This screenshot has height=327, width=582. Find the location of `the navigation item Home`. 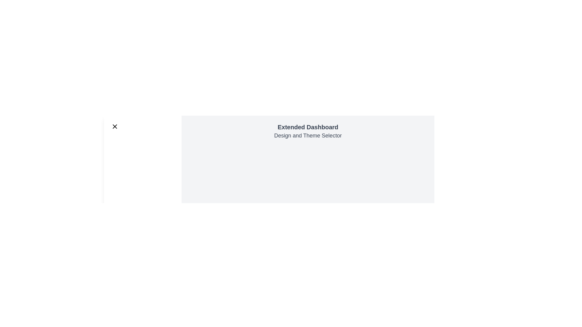

the navigation item Home is located at coordinates (142, 144).